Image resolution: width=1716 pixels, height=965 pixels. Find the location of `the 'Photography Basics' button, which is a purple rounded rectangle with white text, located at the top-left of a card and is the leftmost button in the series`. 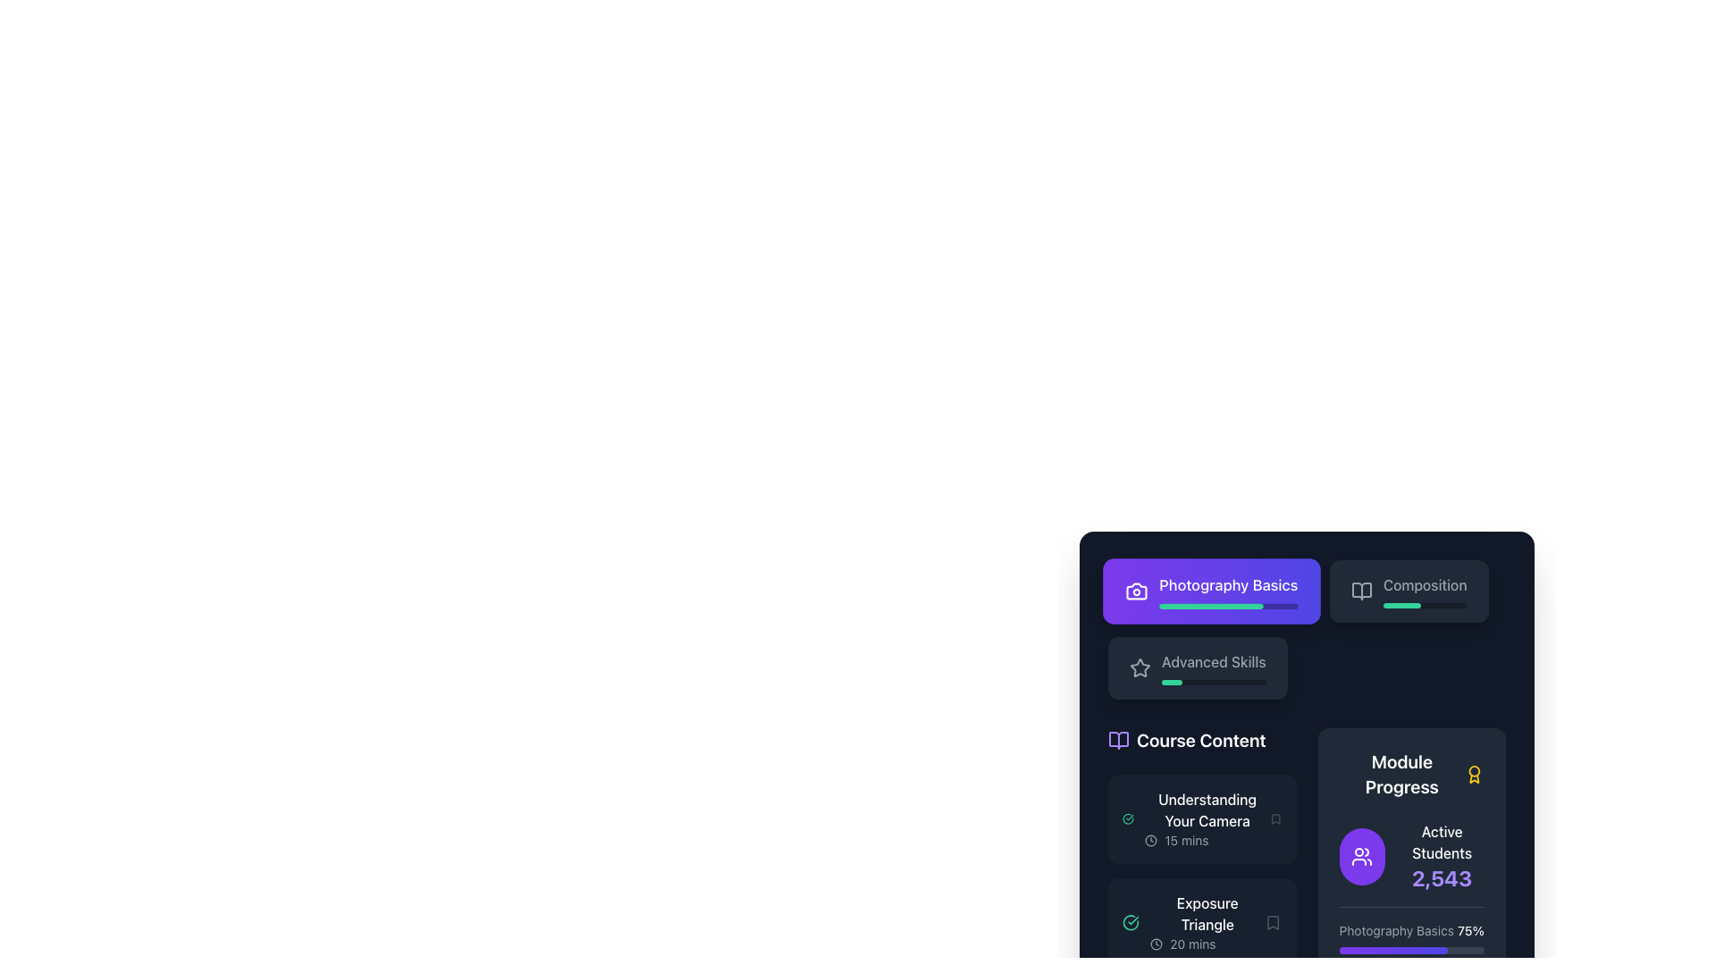

the 'Photography Basics' button, which is a purple rounded rectangle with white text, located at the top-left of a card and is the leftmost button in the series is located at coordinates (1227, 592).